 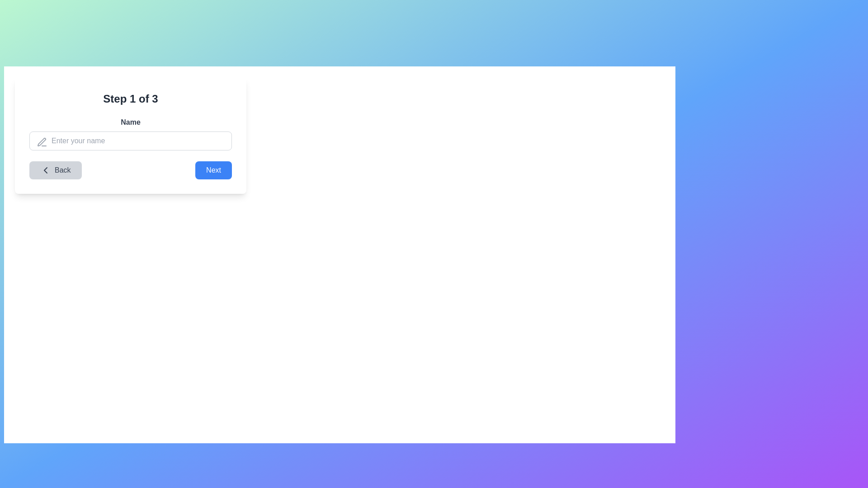 What do you see at coordinates (41, 142) in the screenshot?
I see `the editing icon located in the top-left of the 'Name' text input field, which indicates an editable area` at bounding box center [41, 142].